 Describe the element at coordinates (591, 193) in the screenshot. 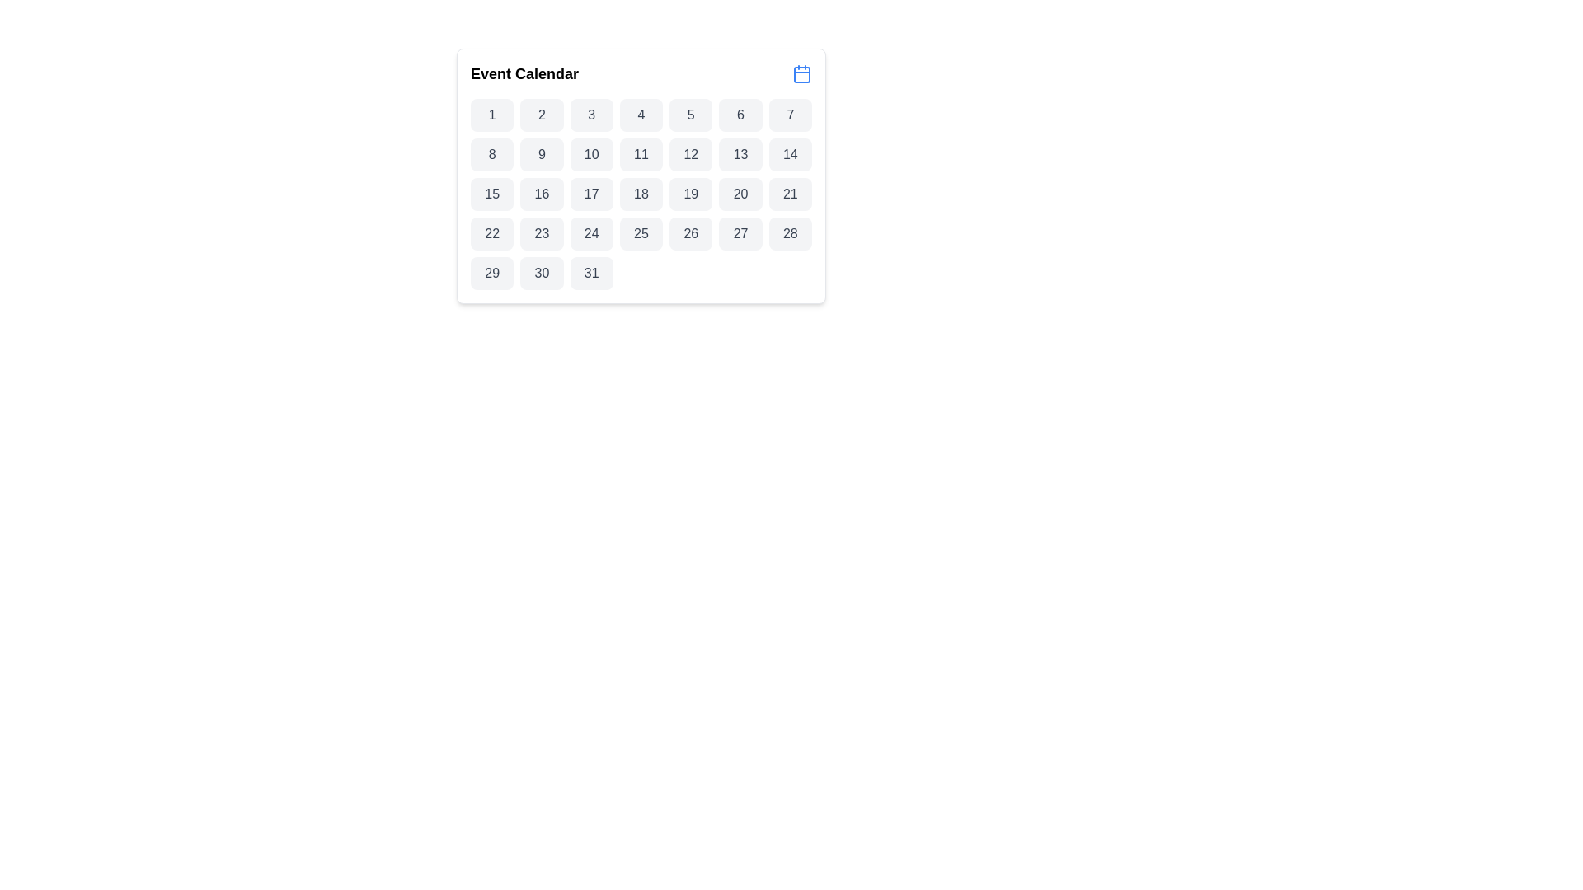

I see `the rounded rectangular button with the number '17' in dark gray text, located in the third row and fourth column of a 7-column grid layout` at that location.